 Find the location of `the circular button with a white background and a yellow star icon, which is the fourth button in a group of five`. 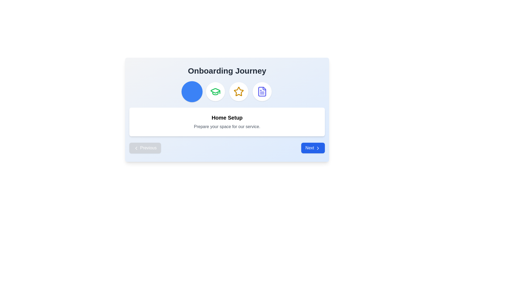

the circular button with a white background and a yellow star icon, which is the fourth button in a group of five is located at coordinates (238, 91).